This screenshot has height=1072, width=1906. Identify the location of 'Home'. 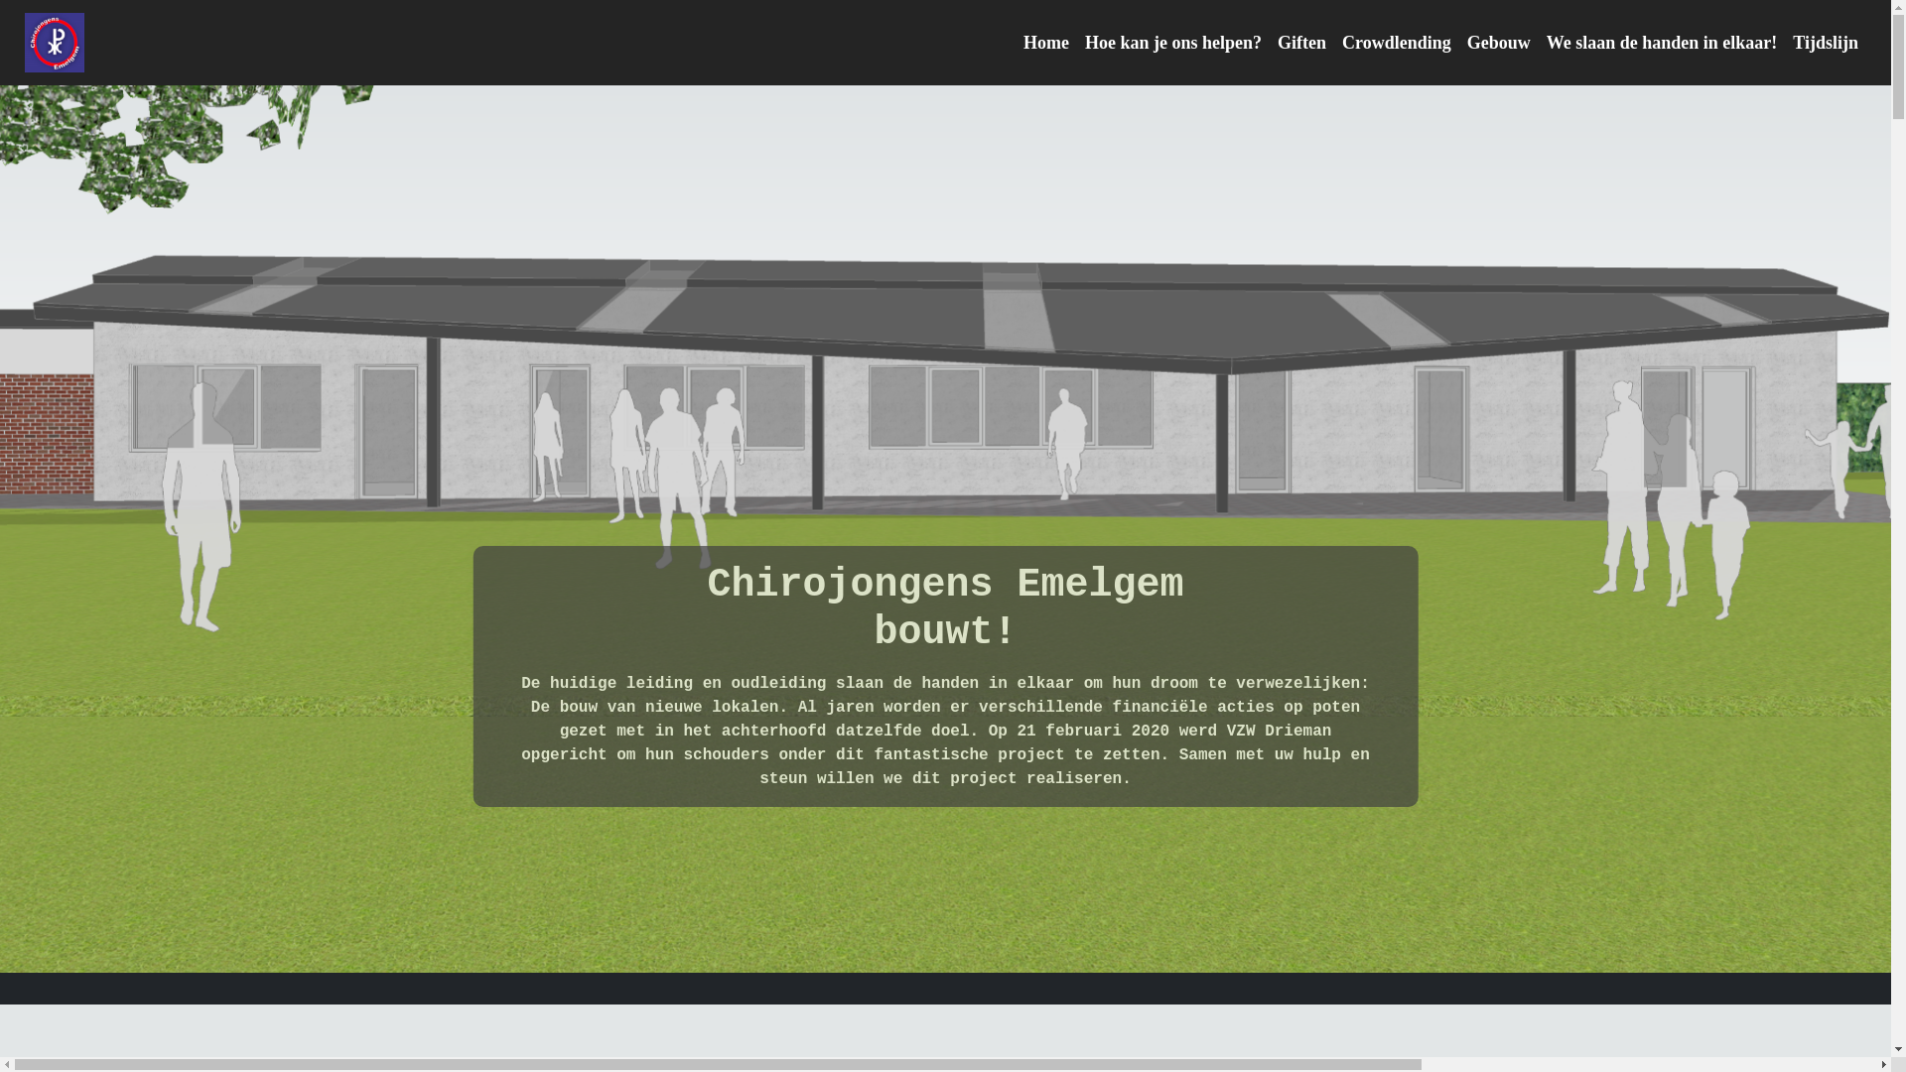
(1015, 43).